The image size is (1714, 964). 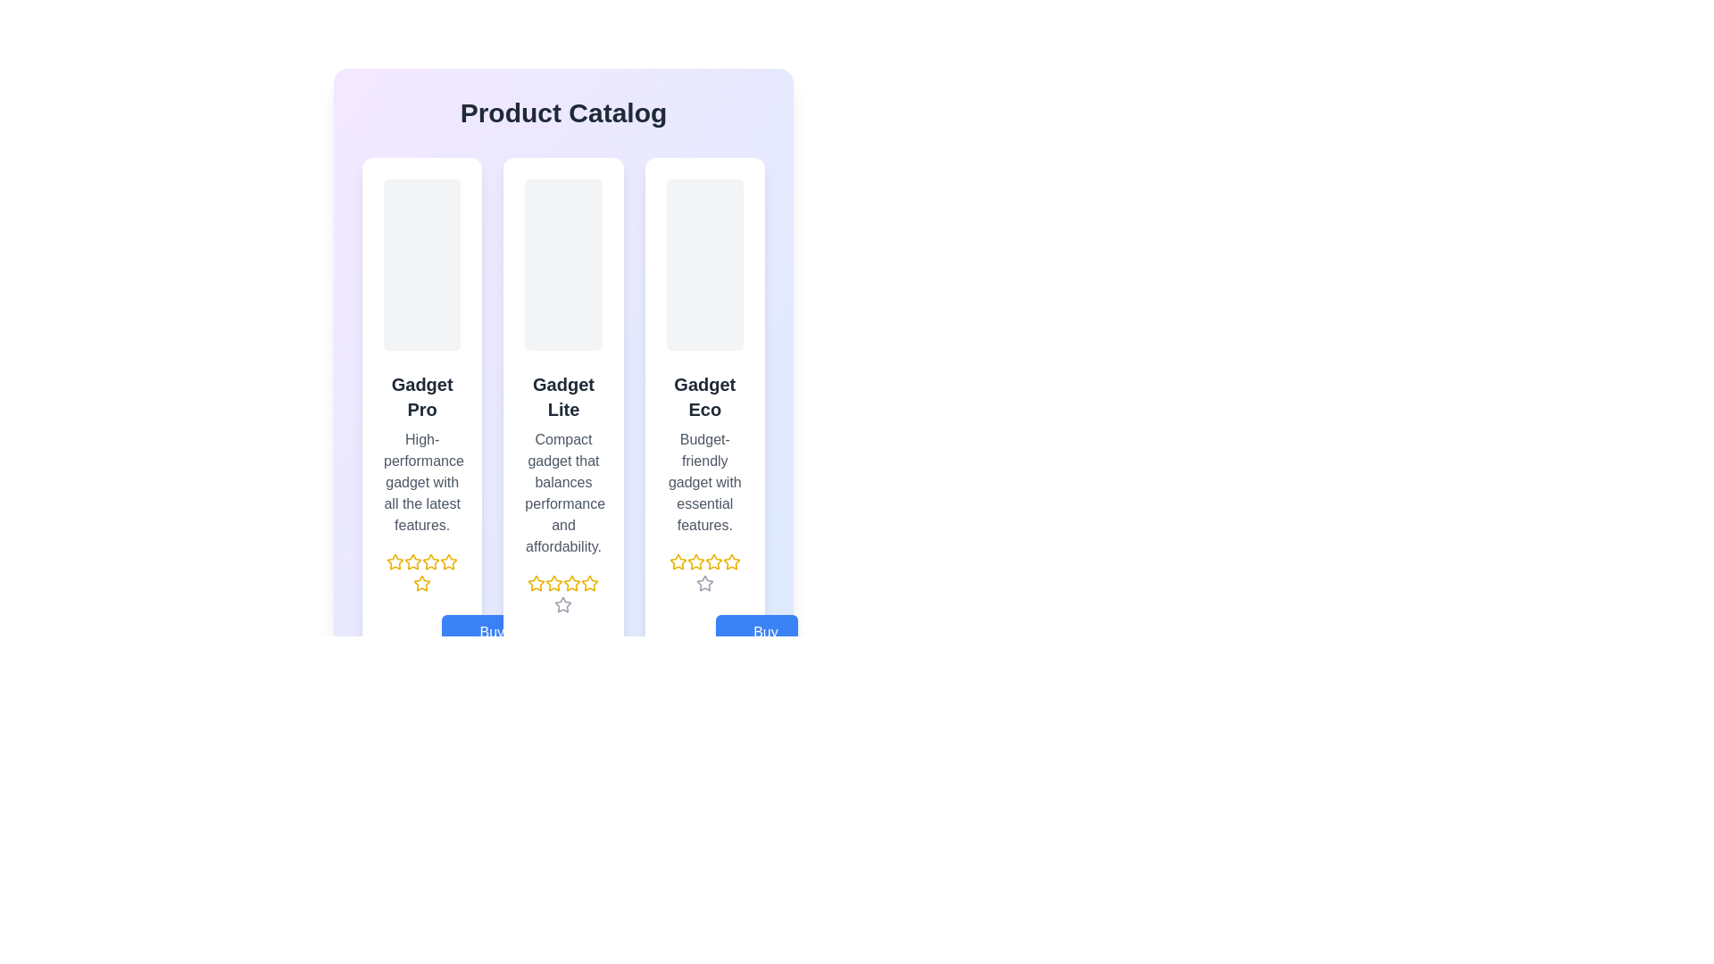 I want to click on the fifth star in the rating system under the 'Gadget Pro' card in the 'Product Catalog' interface, so click(x=449, y=561).